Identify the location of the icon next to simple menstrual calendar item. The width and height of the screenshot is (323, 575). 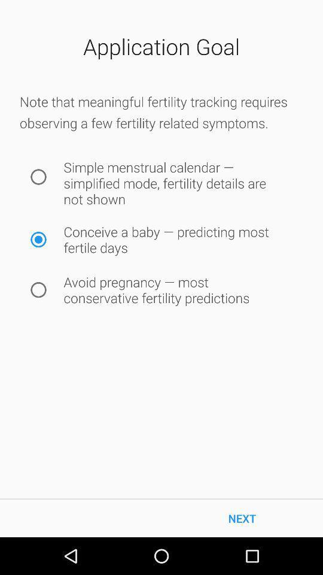
(38, 176).